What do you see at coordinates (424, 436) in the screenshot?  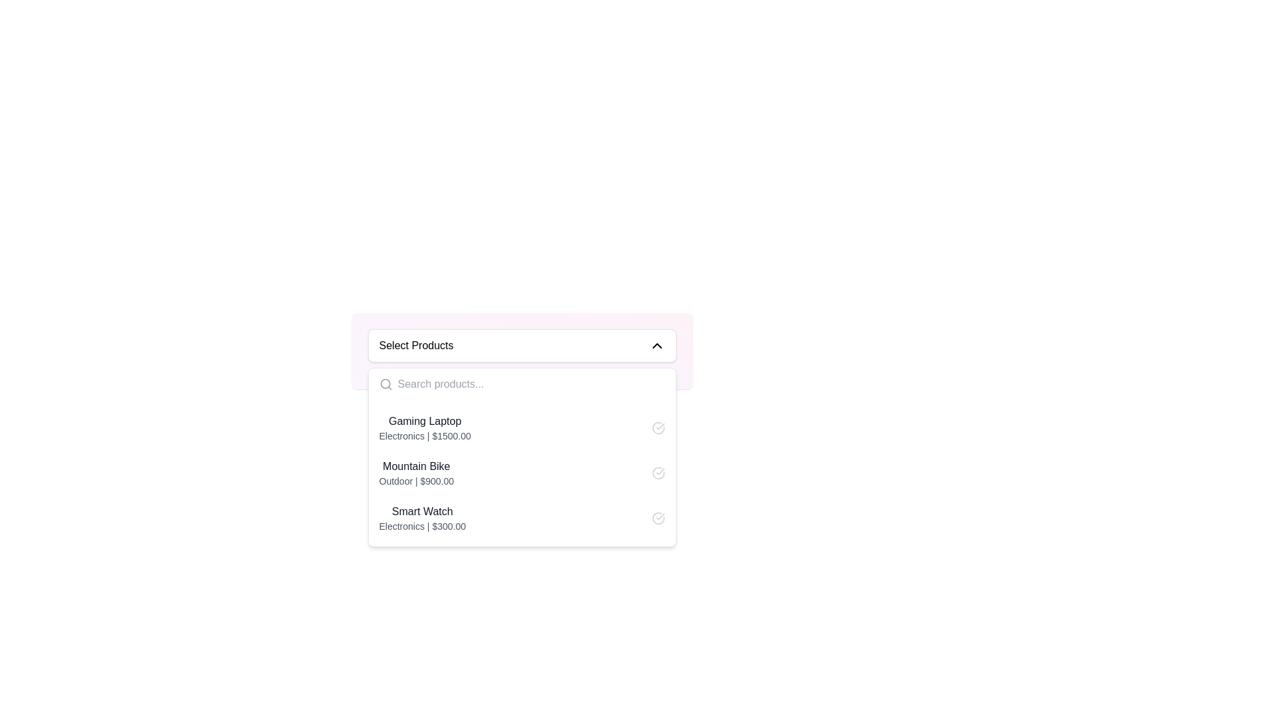 I see `the static text displaying the category 'Electronics' and price '$1500.00', which is located under the dropdown menu labeled 'Select Products' and appears under 'Gaming Laptop'` at bounding box center [424, 436].